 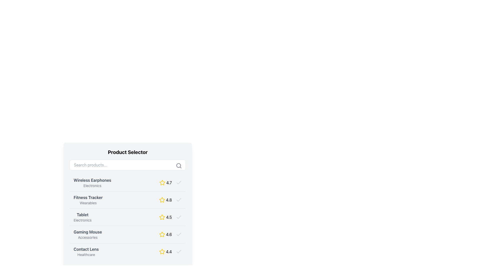 What do you see at coordinates (82, 214) in the screenshot?
I see `the Static Text Label displaying 'Tablet' which is the third item in the vertical list of products, aligned to the left and above the text 'Electronics'` at bounding box center [82, 214].